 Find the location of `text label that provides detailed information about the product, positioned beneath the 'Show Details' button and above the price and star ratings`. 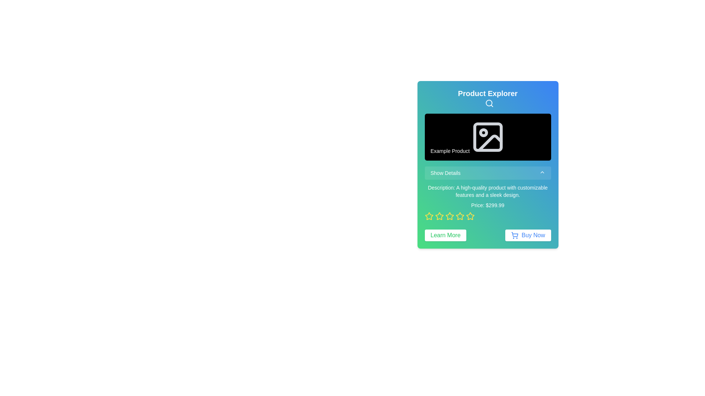

text label that provides detailed information about the product, positioned beneath the 'Show Details' button and above the price and star ratings is located at coordinates (488, 191).